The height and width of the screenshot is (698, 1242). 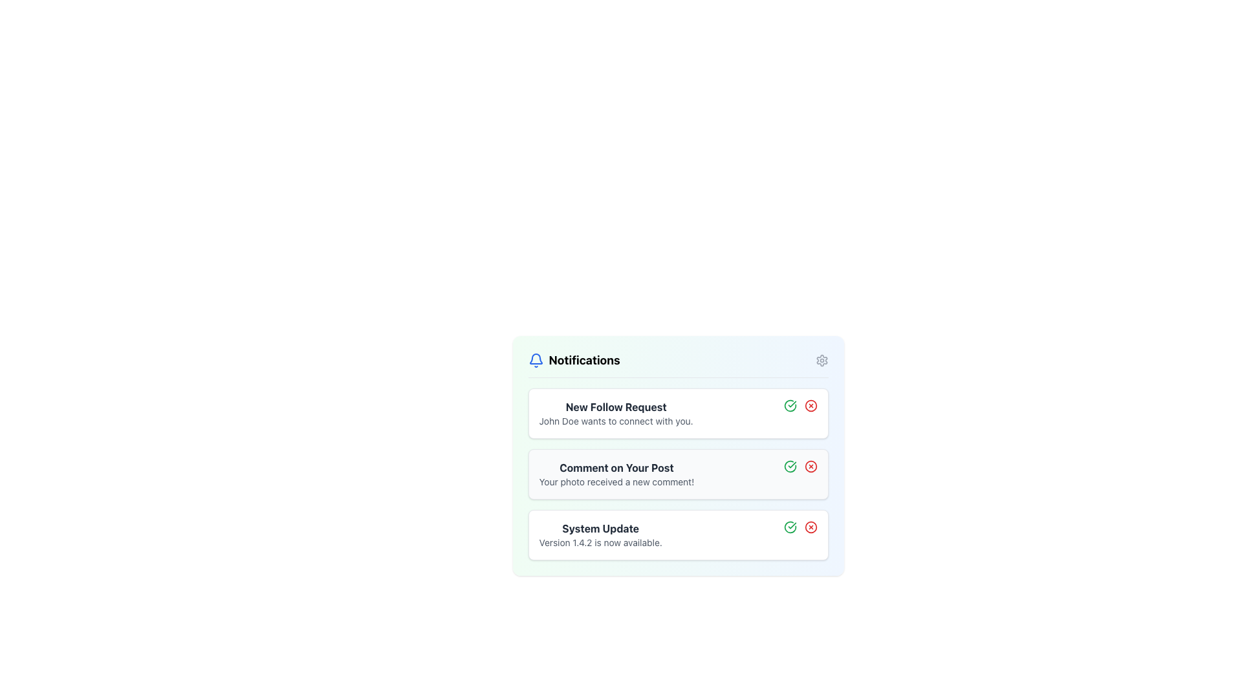 What do you see at coordinates (789, 405) in the screenshot?
I see `the circular graphical component within the 'New Follow Request' notification card, located to the right of the text content` at bounding box center [789, 405].